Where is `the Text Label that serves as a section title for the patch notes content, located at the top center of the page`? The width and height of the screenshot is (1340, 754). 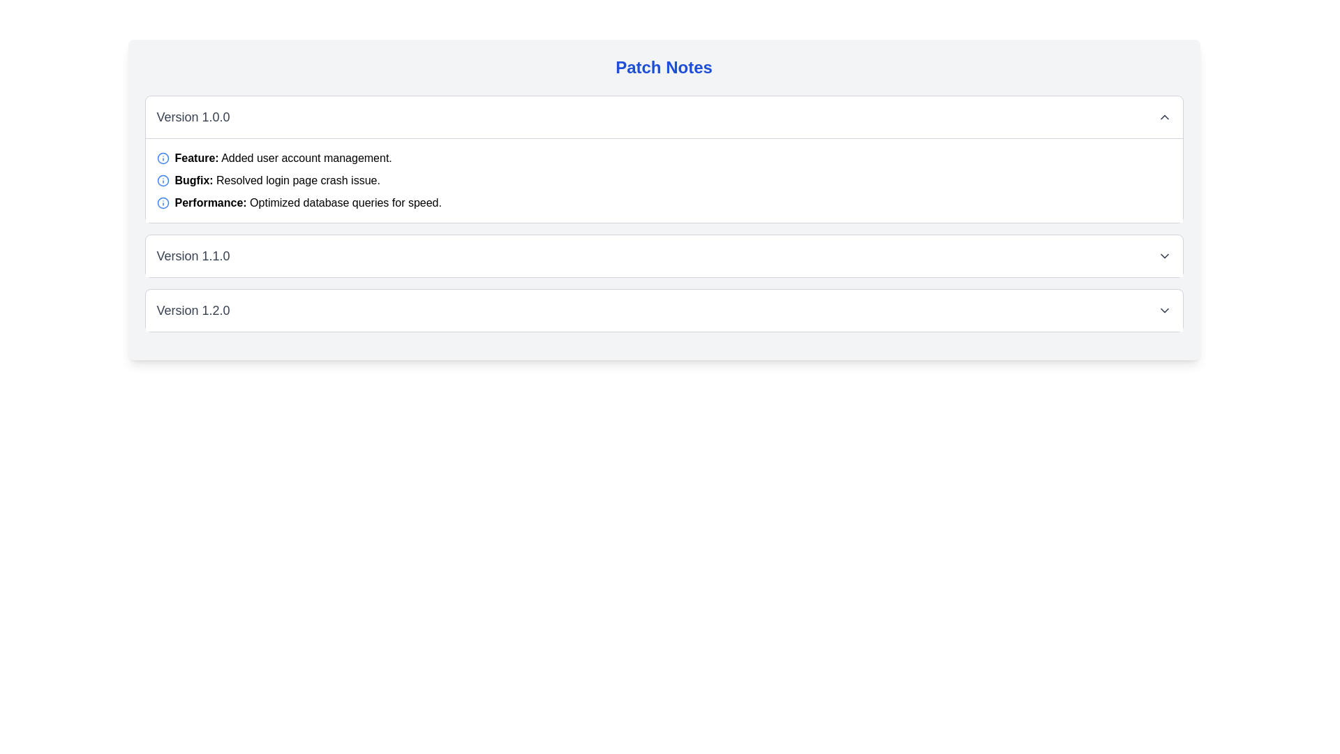
the Text Label that serves as a section title for the patch notes content, located at the top center of the page is located at coordinates (663, 67).